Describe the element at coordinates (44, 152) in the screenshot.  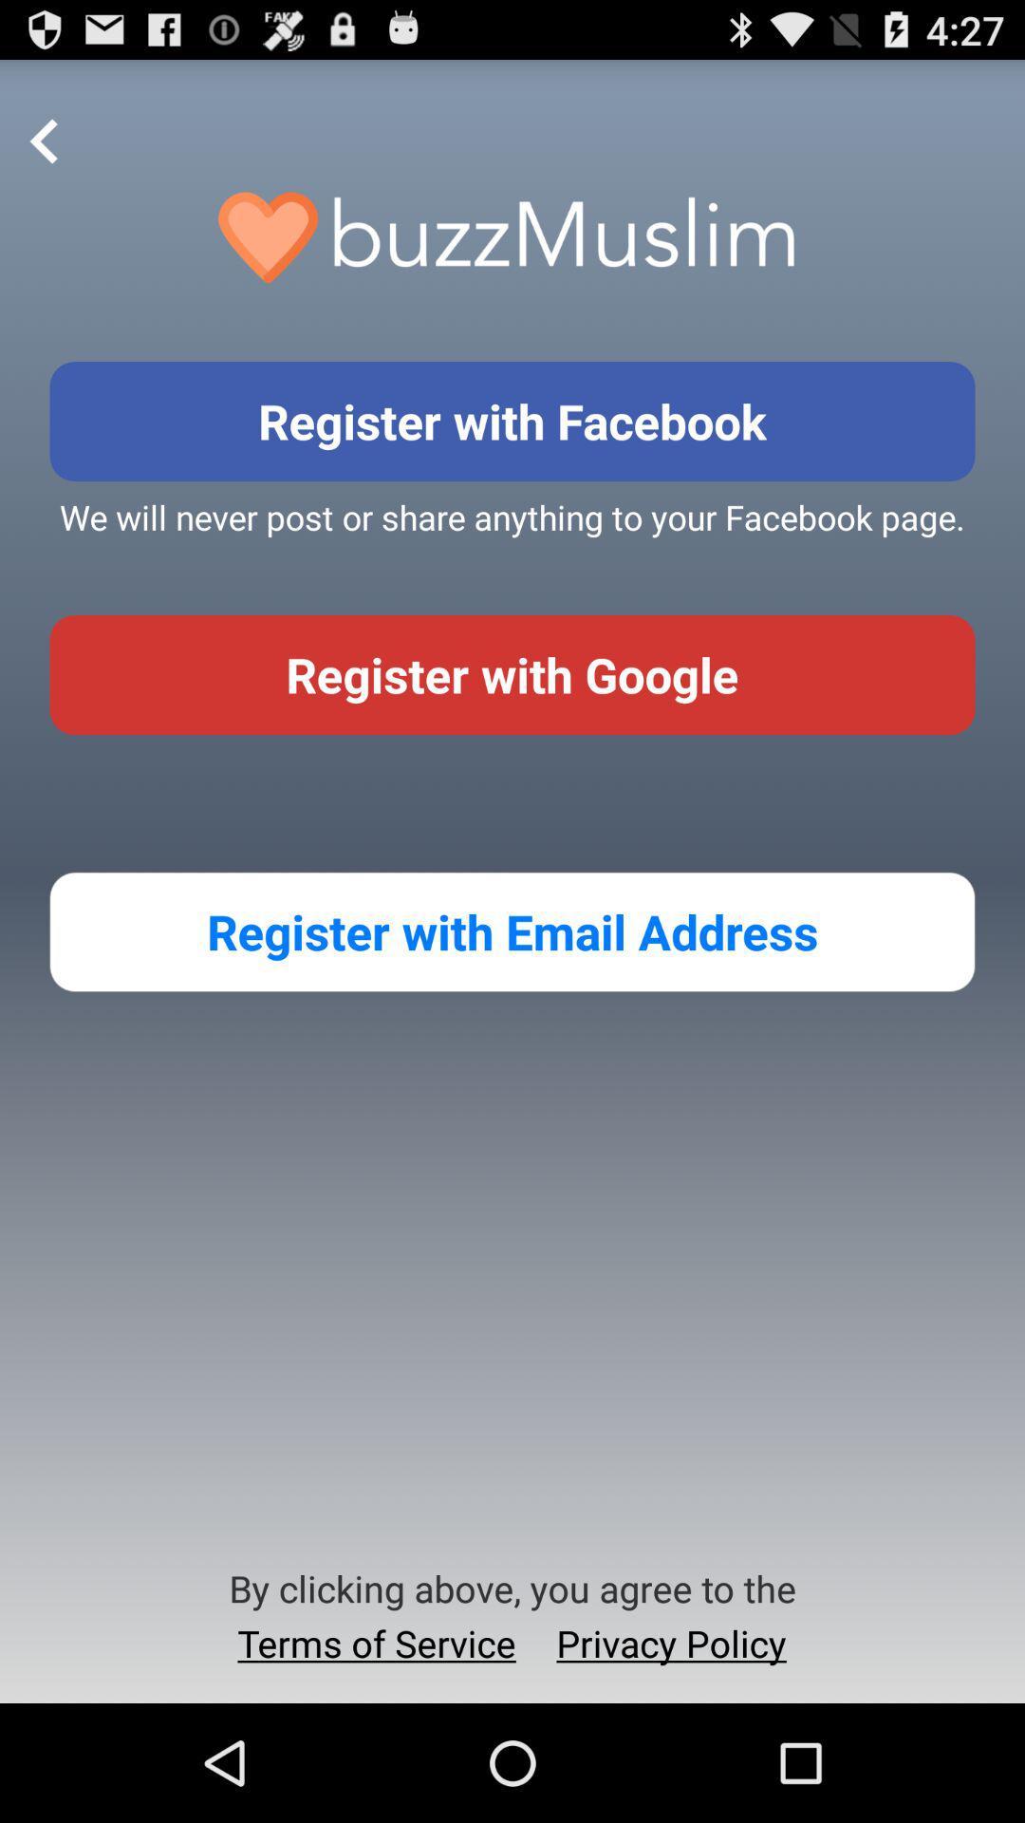
I see `the arrow_backward icon` at that location.